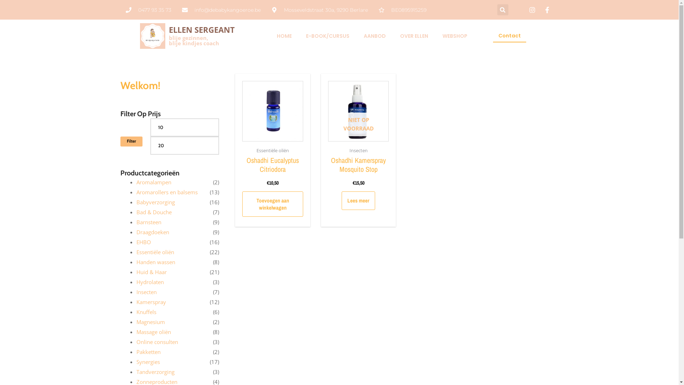  I want to click on 'Tandverzorging', so click(155, 371).